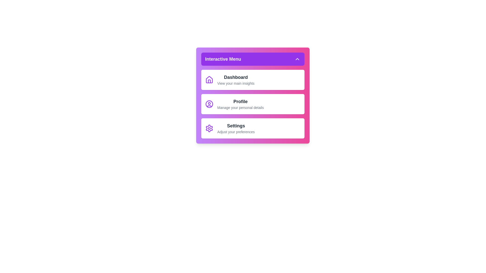 The width and height of the screenshot is (486, 273). I want to click on the icon of the menu item labeled Dashboard, so click(209, 80).